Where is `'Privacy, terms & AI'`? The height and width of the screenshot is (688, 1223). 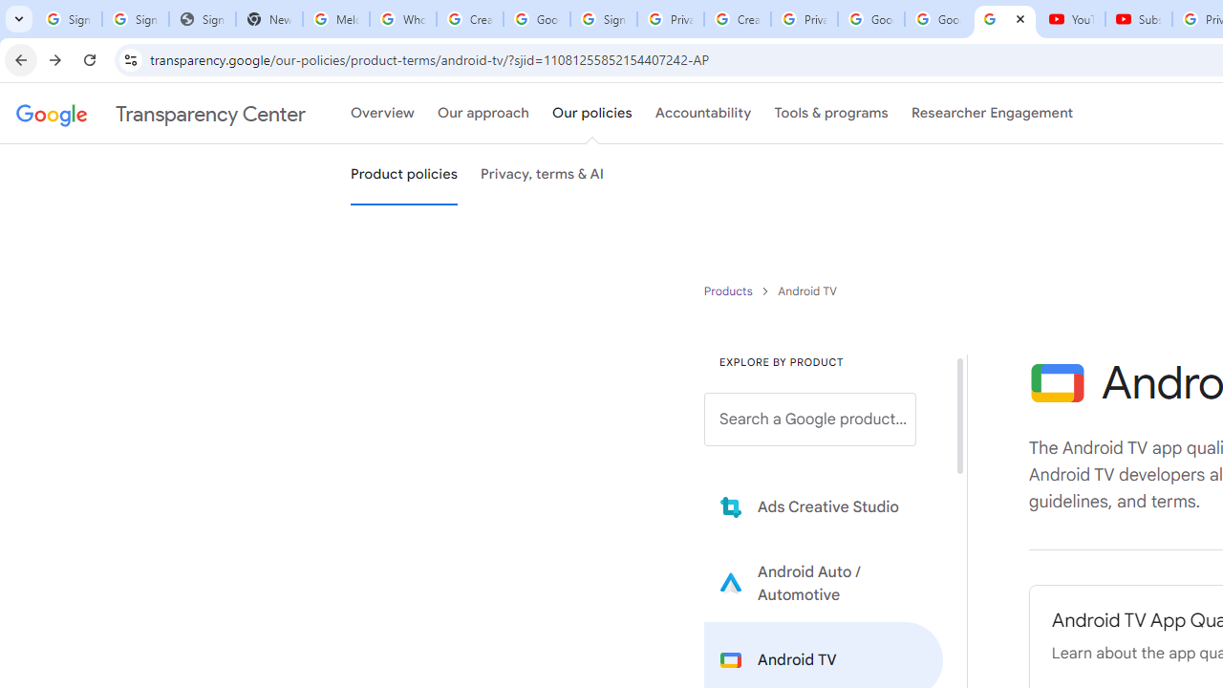 'Privacy, terms & AI' is located at coordinates (542, 175).